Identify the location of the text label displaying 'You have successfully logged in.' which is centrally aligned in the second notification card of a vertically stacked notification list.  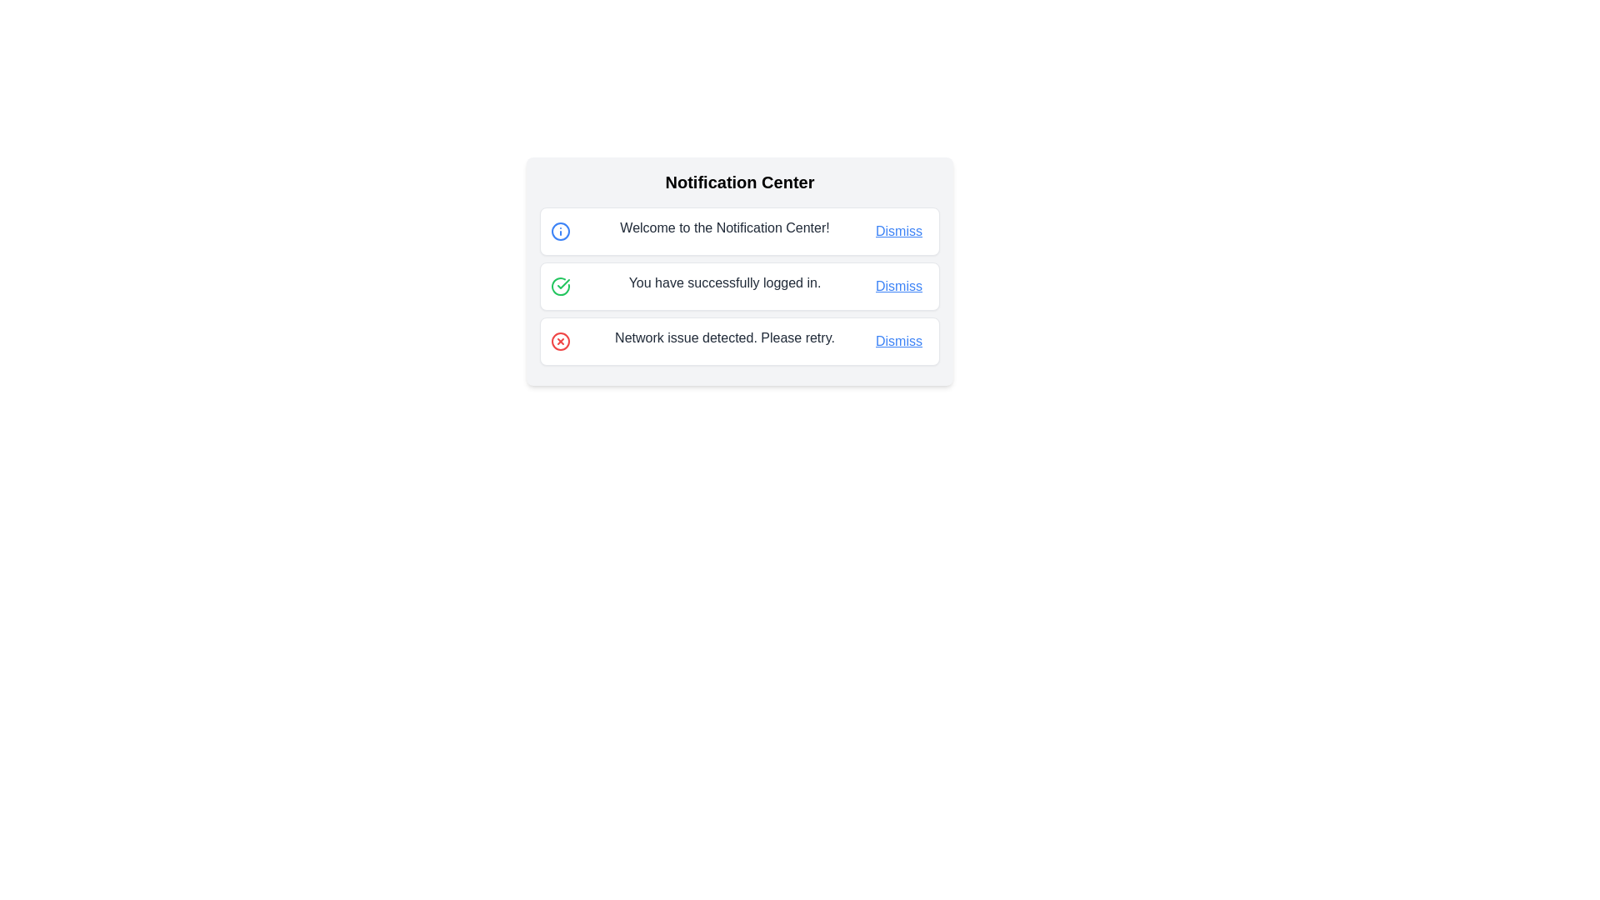
(724, 282).